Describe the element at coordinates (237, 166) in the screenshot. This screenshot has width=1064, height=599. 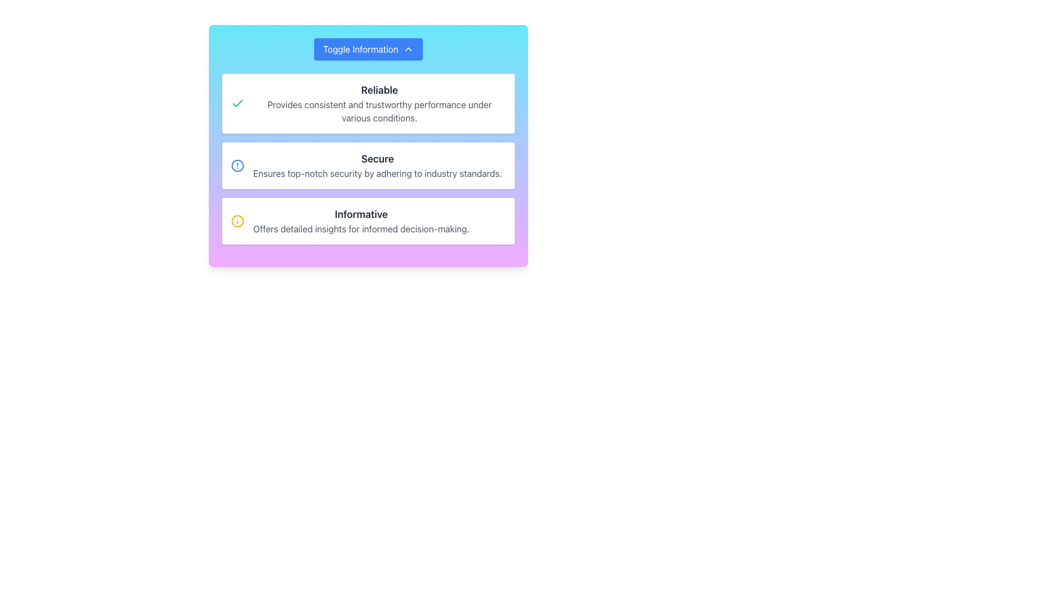
I see `the blue outlined SVG Circle located in the 'Secure' section, positioned to the left of the text content` at that location.